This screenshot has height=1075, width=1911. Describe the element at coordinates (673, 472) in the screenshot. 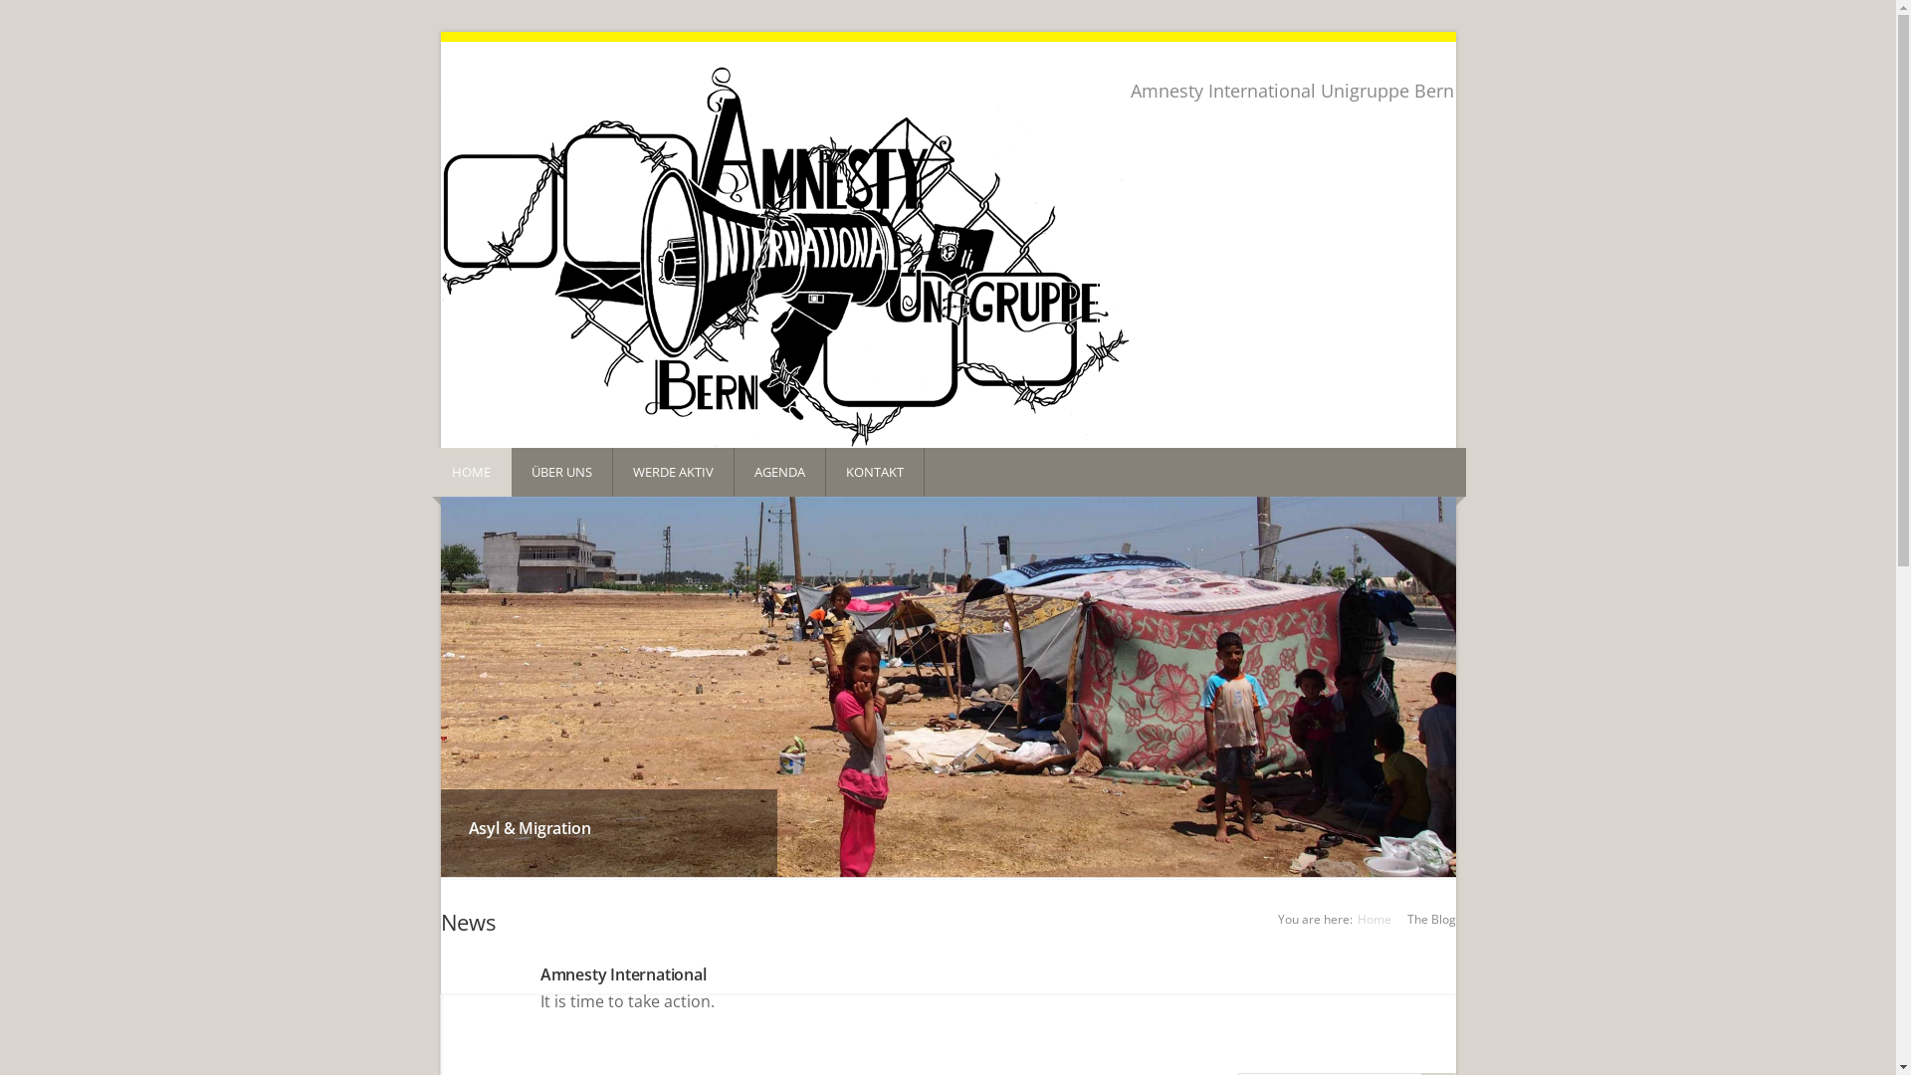

I see `'WERDE AKTIV'` at that location.